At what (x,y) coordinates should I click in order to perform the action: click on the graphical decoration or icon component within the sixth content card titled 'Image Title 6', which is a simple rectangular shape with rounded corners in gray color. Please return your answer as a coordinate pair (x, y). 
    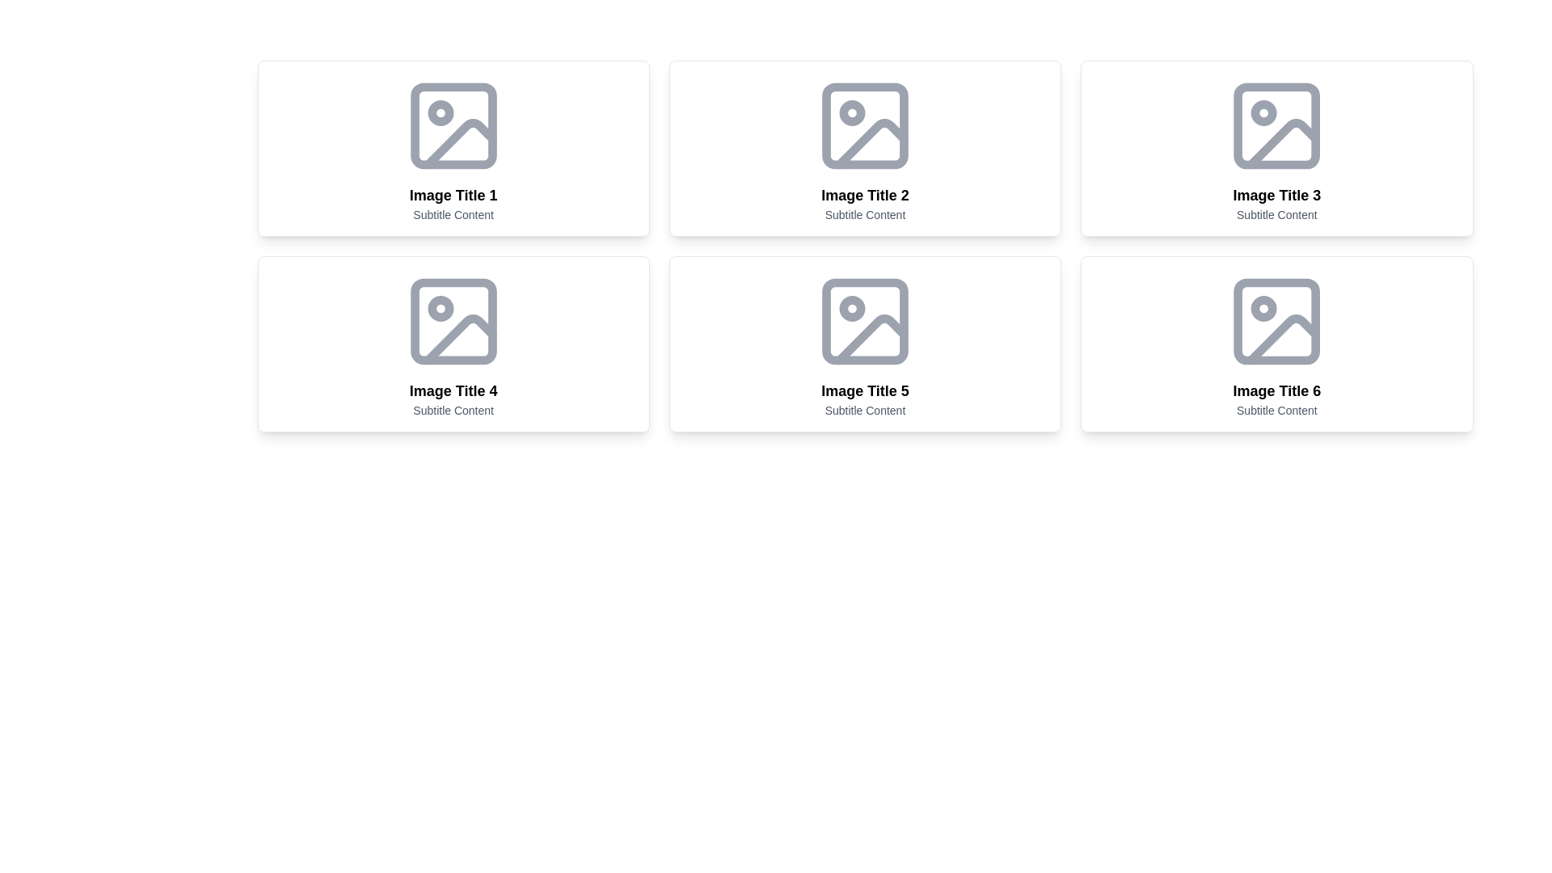
    Looking at the image, I should click on (1276, 321).